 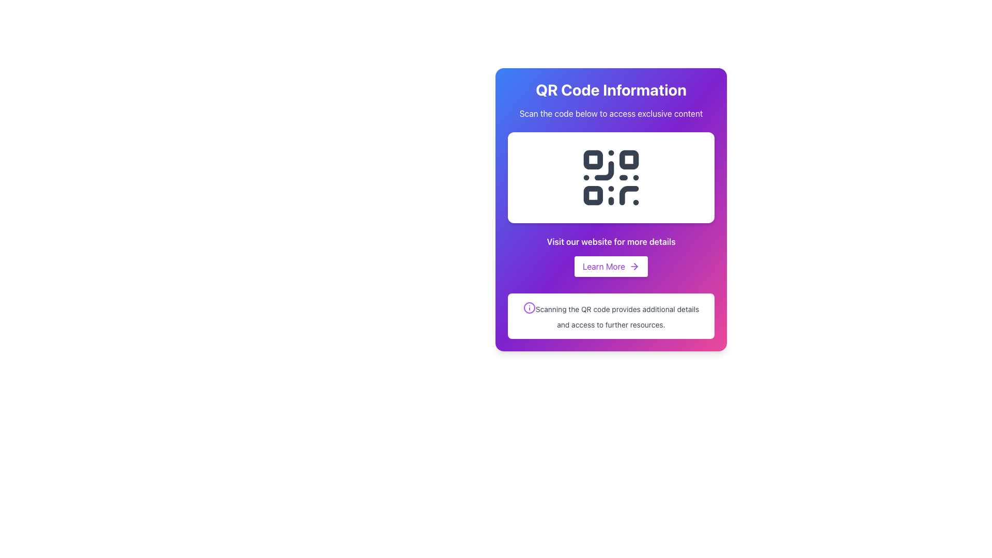 I want to click on the decorative graphic element positioned at the bottom left of the upper right quadrant of the QR code, so click(x=593, y=195).